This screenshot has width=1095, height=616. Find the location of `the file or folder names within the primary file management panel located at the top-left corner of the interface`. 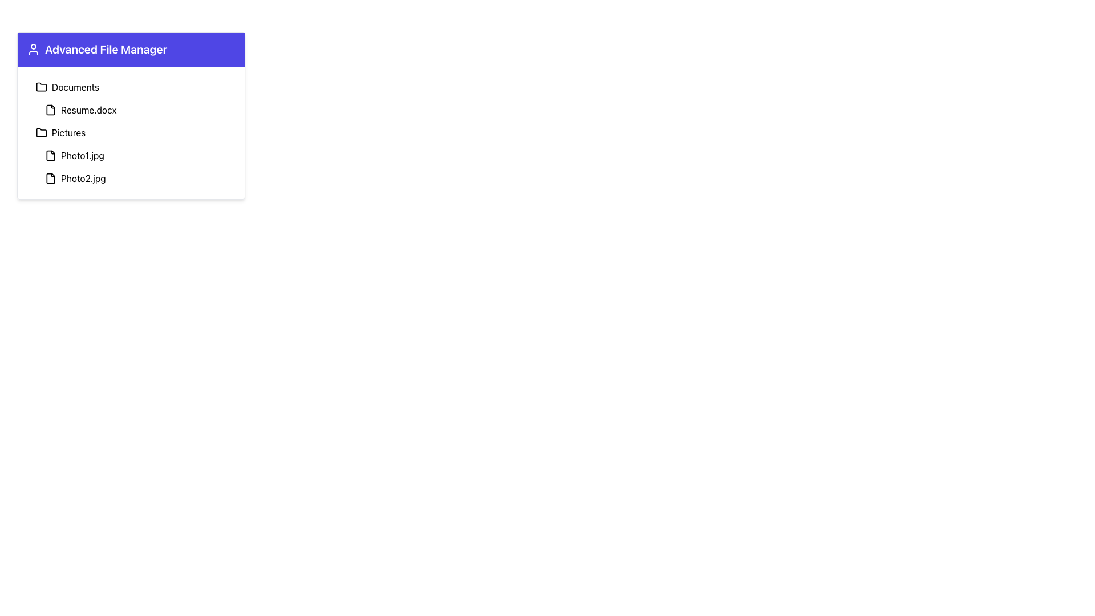

the file or folder names within the primary file management panel located at the top-left corner of the interface is located at coordinates (131, 116).